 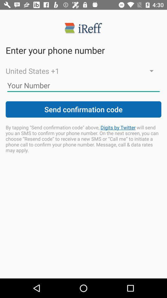 What do you see at coordinates (83, 71) in the screenshot?
I see `the icon below enter your phone` at bounding box center [83, 71].